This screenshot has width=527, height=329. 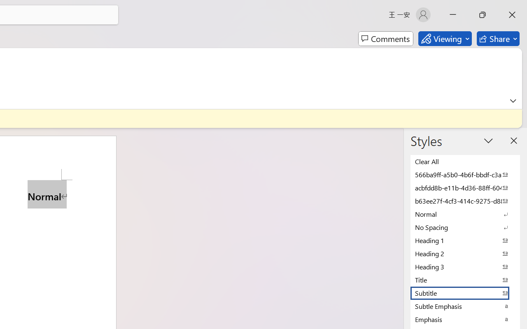 What do you see at coordinates (465, 306) in the screenshot?
I see `'Subtle Emphasis'` at bounding box center [465, 306].